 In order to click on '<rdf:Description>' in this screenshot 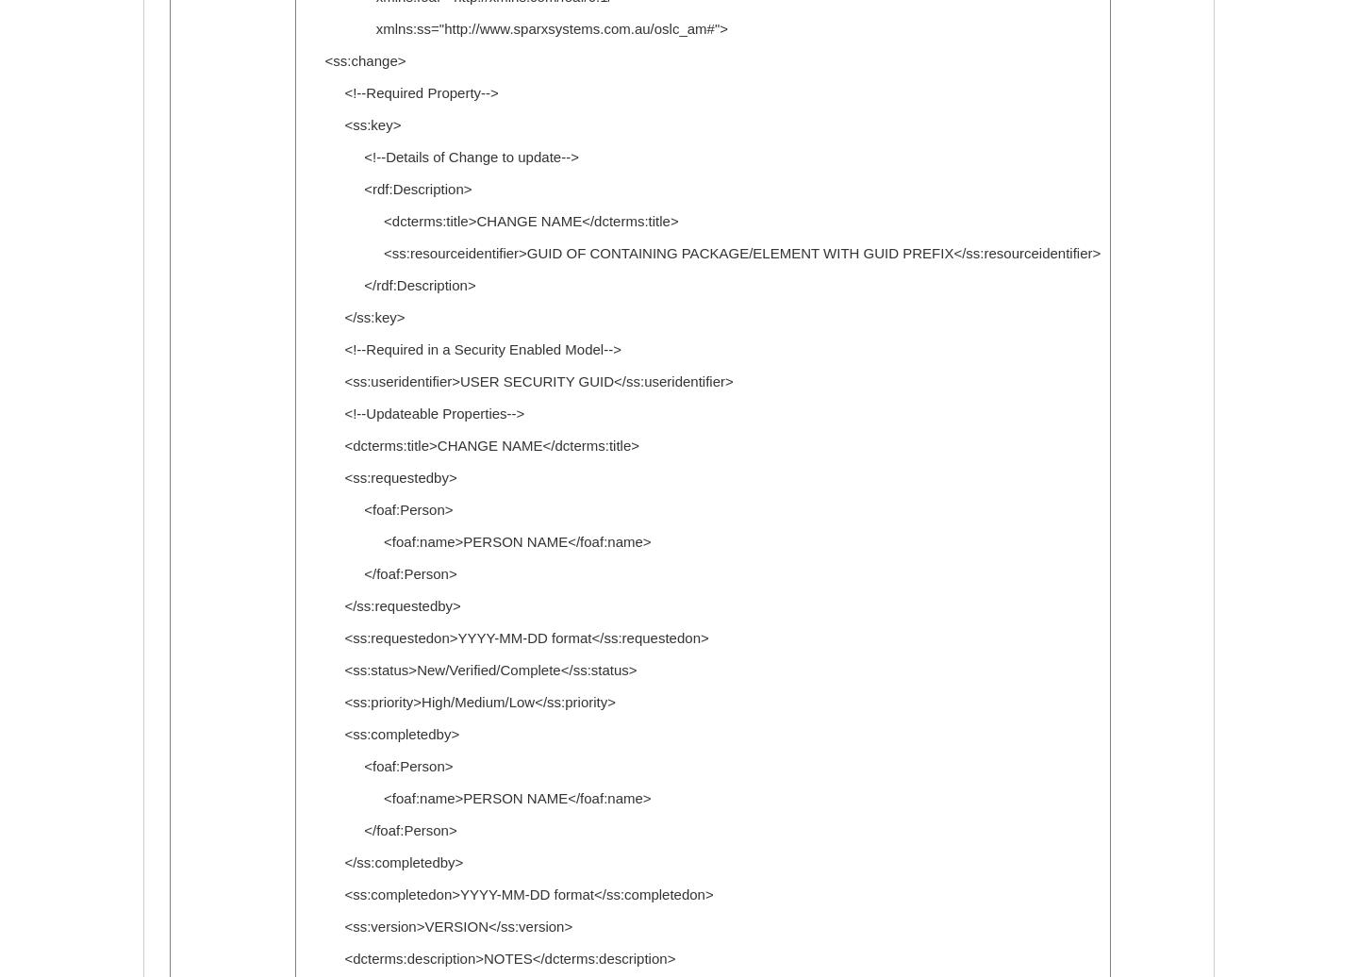, I will do `click(387, 189)`.